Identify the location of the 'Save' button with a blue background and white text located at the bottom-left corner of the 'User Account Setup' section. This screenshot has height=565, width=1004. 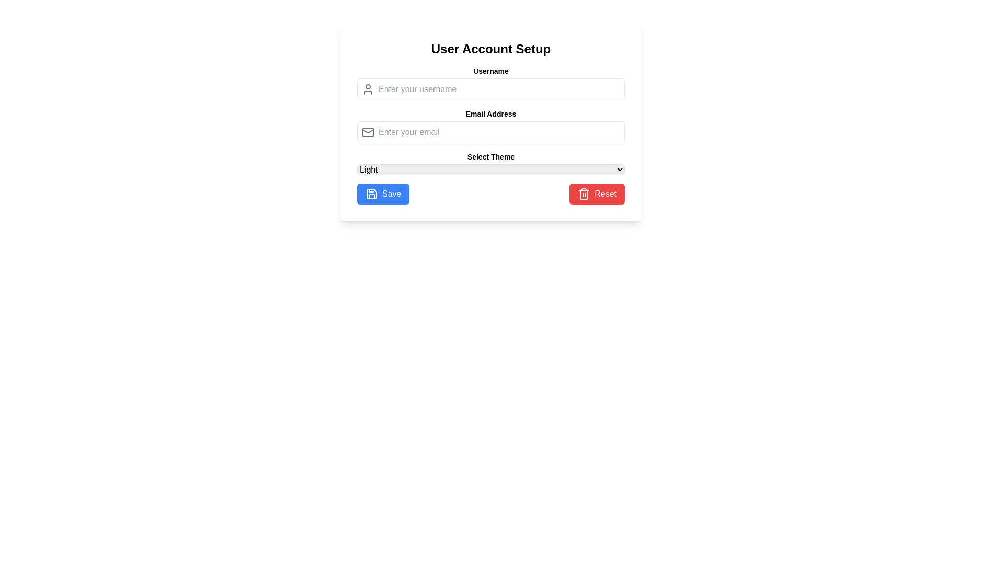
(383, 194).